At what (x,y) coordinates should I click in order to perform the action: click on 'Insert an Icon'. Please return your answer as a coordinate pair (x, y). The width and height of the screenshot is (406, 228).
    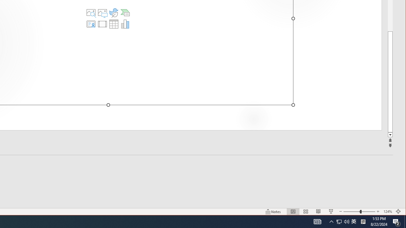
    Looking at the image, I should click on (114, 12).